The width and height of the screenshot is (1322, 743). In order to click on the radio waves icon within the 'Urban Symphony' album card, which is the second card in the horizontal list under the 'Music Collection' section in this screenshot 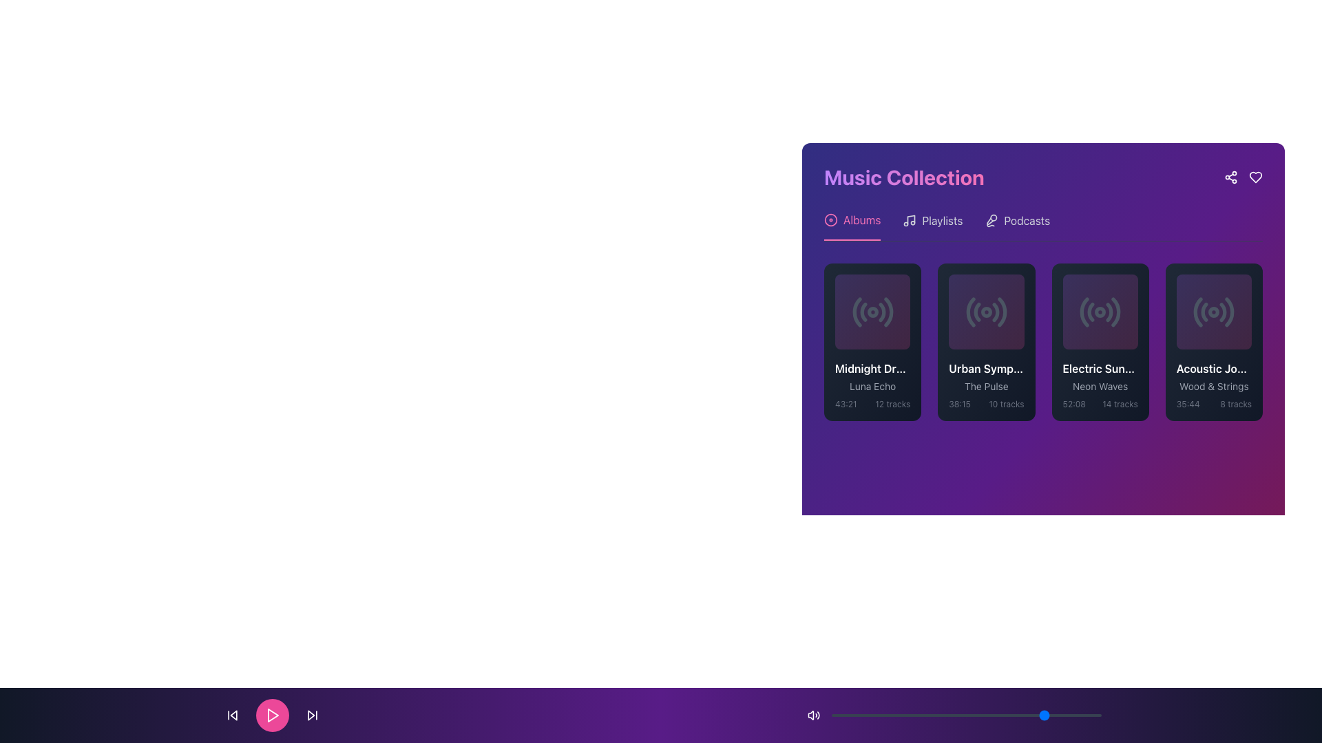, I will do `click(985, 312)`.